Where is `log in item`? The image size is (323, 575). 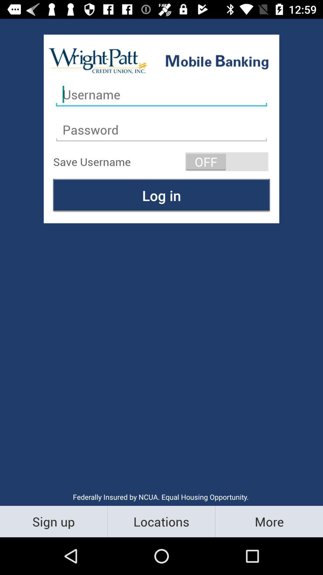 log in item is located at coordinates (161, 195).